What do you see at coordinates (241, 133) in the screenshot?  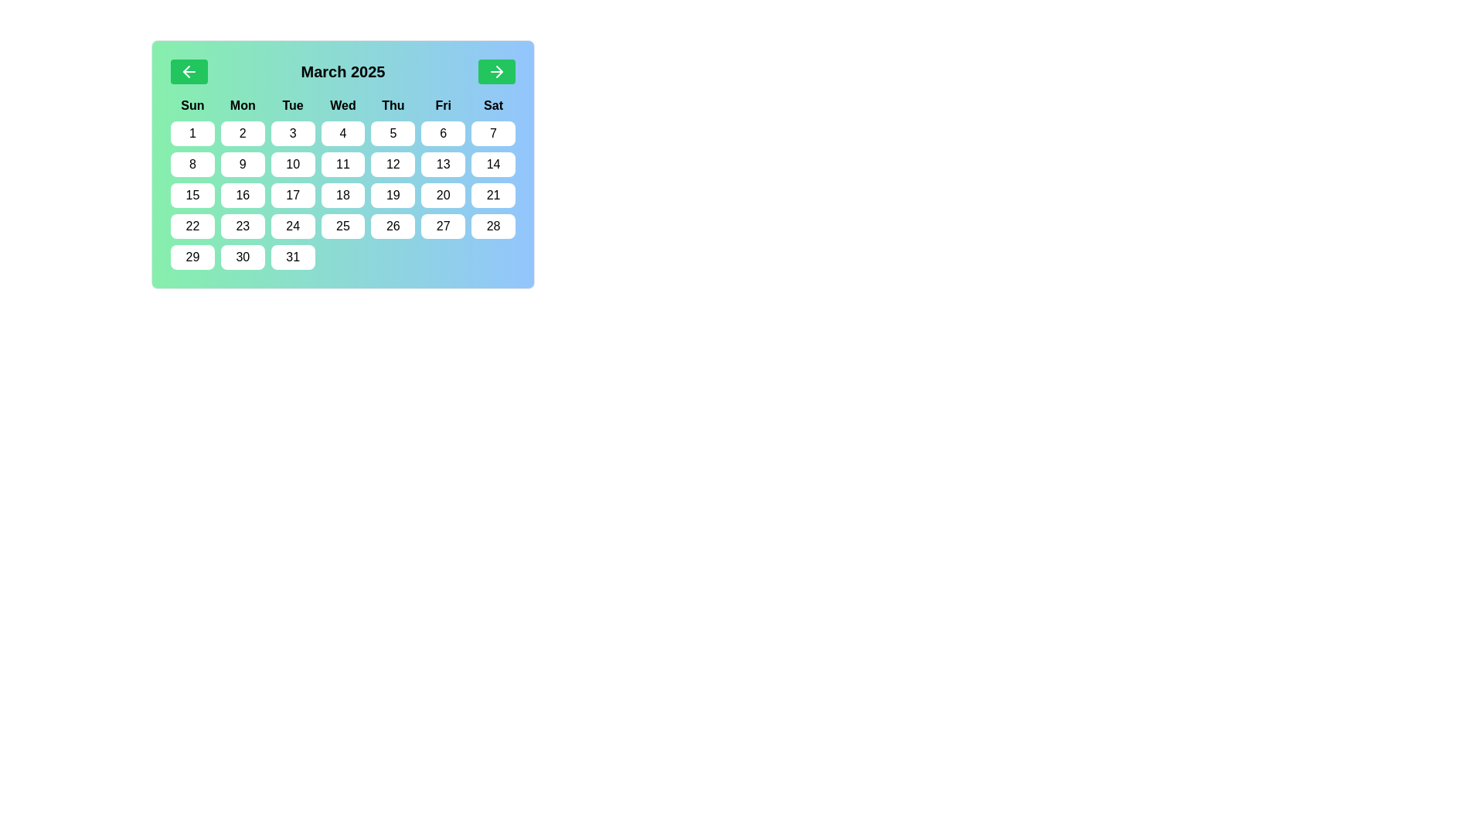 I see `the rectangular button with a rounded border that has a white background and the black number '2' centered inside it` at bounding box center [241, 133].